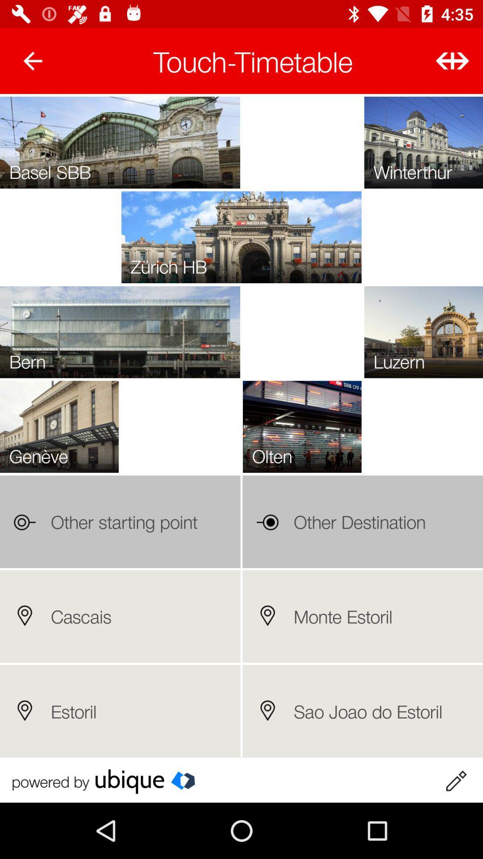  I want to click on the edit icon, so click(456, 781).